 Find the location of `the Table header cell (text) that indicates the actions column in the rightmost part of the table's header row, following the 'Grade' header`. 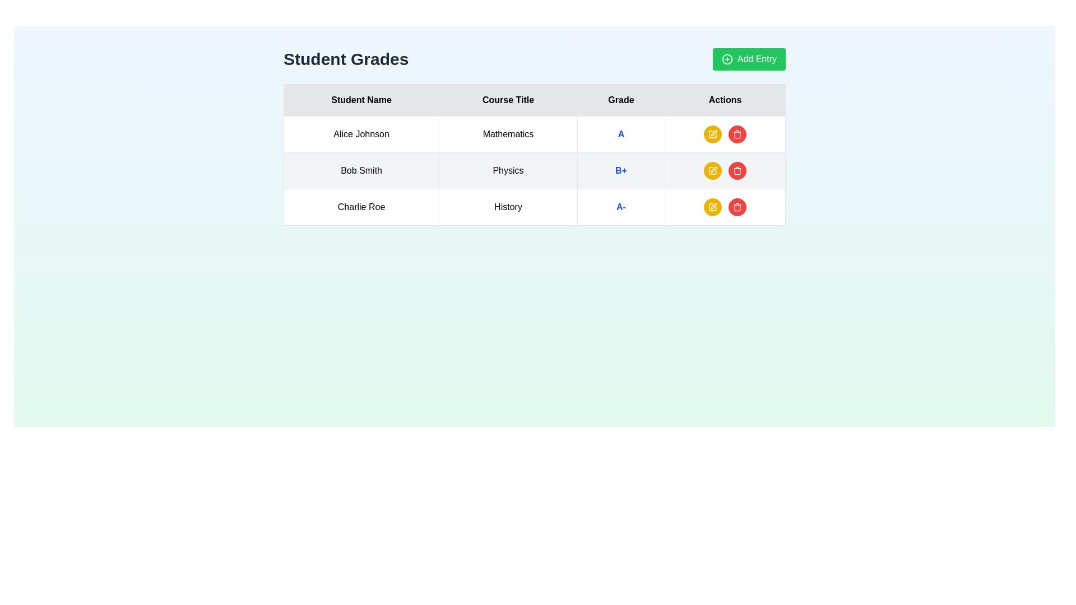

the Table header cell (text) that indicates the actions column in the rightmost part of the table's header row, following the 'Grade' header is located at coordinates (725, 99).